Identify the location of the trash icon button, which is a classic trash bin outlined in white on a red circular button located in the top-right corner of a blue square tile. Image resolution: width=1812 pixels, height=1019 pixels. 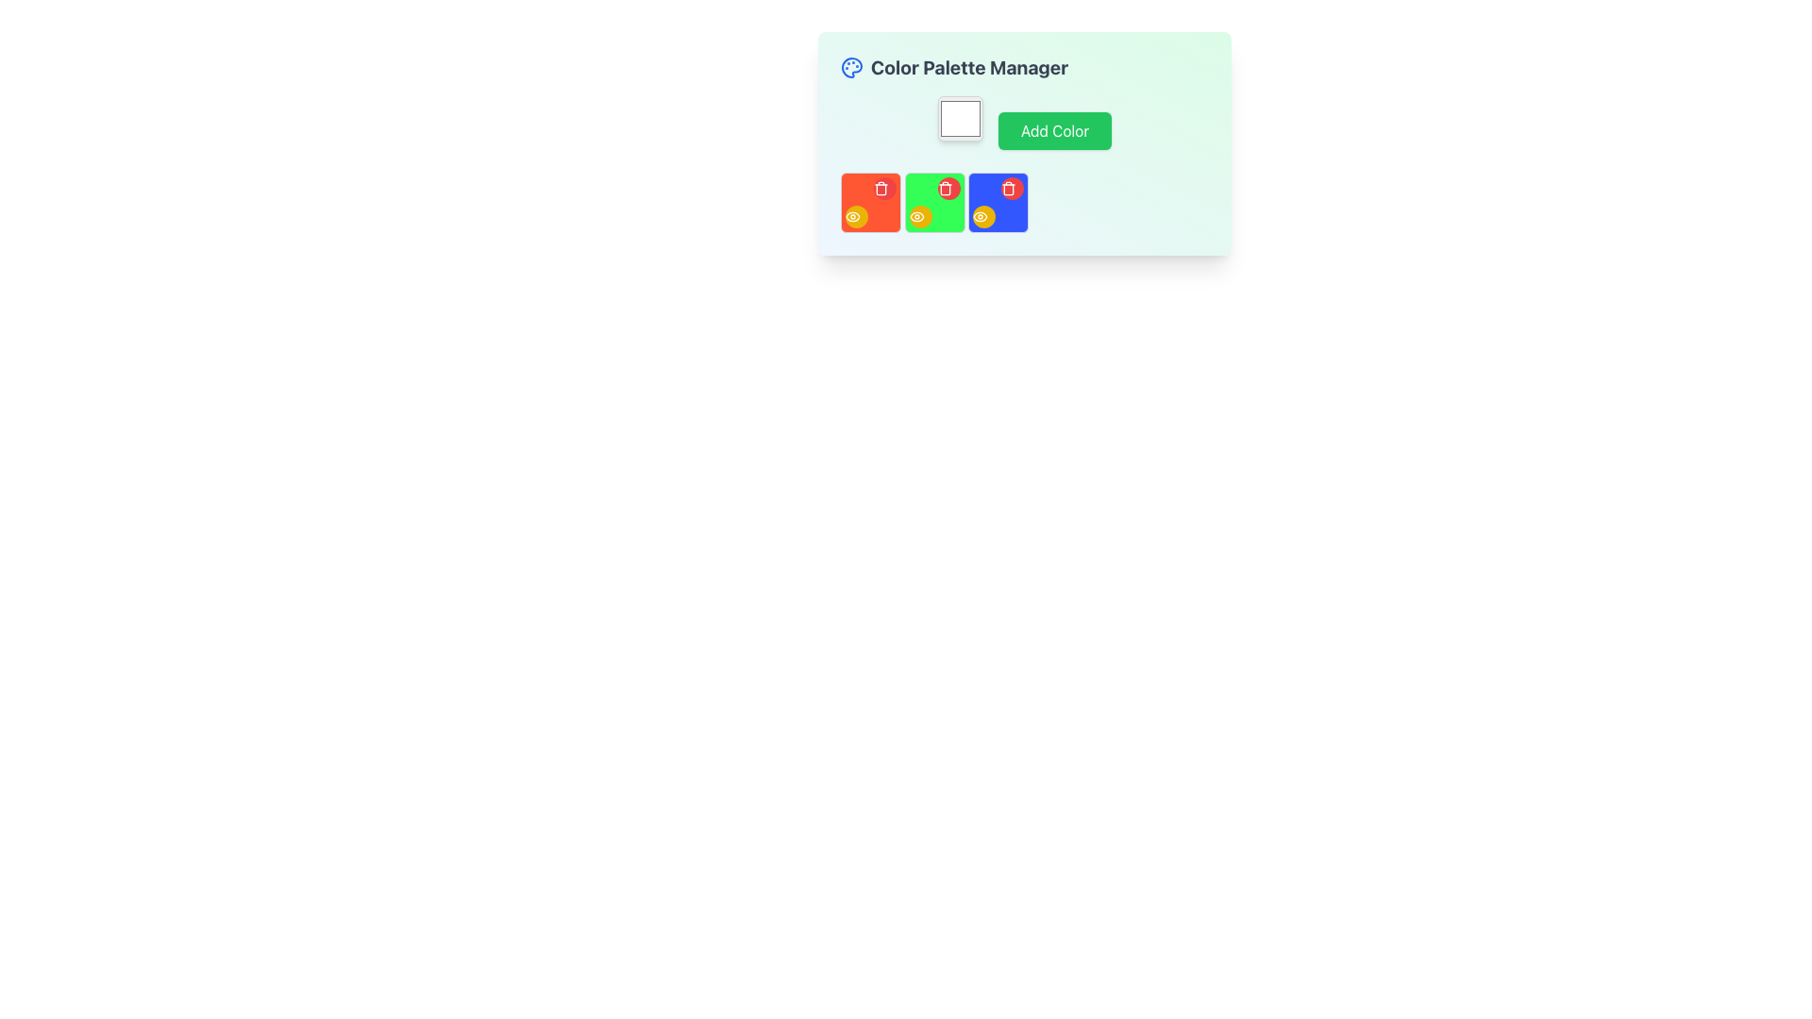
(1008, 189).